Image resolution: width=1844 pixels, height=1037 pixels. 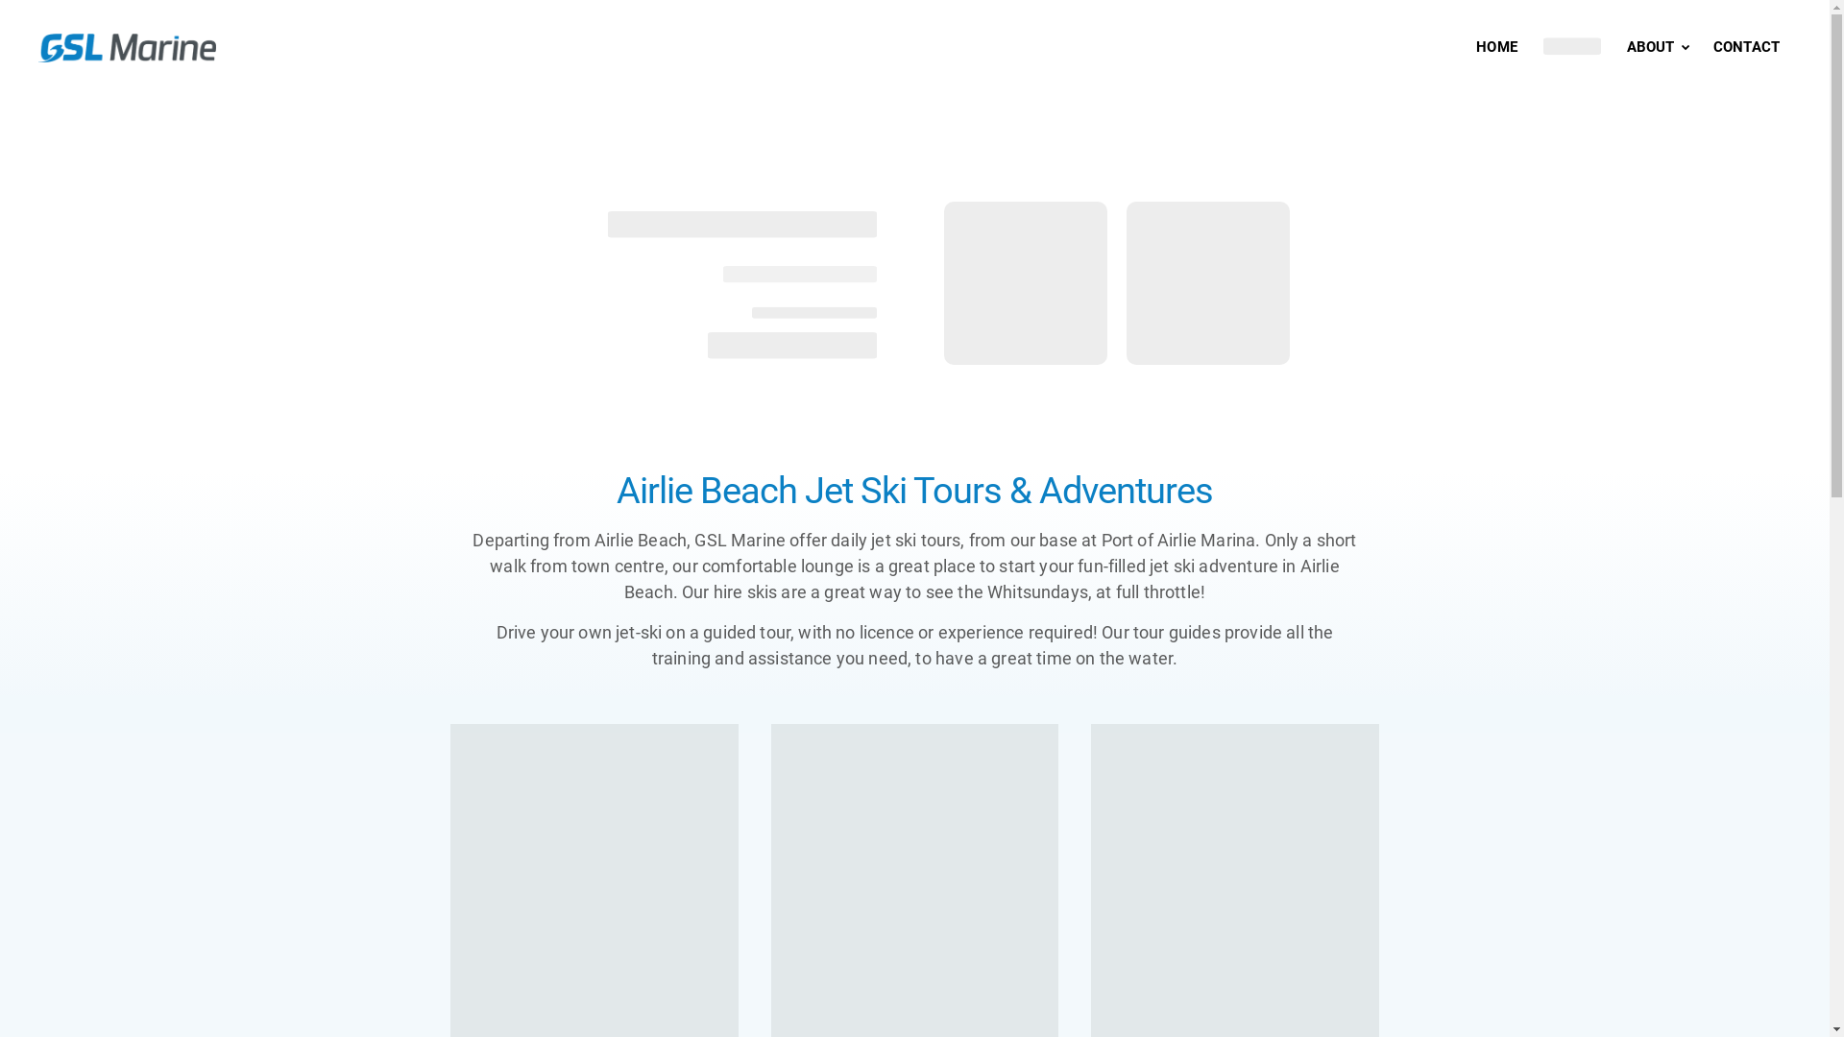 What do you see at coordinates (1658, 46) in the screenshot?
I see `'ABOUT'` at bounding box center [1658, 46].